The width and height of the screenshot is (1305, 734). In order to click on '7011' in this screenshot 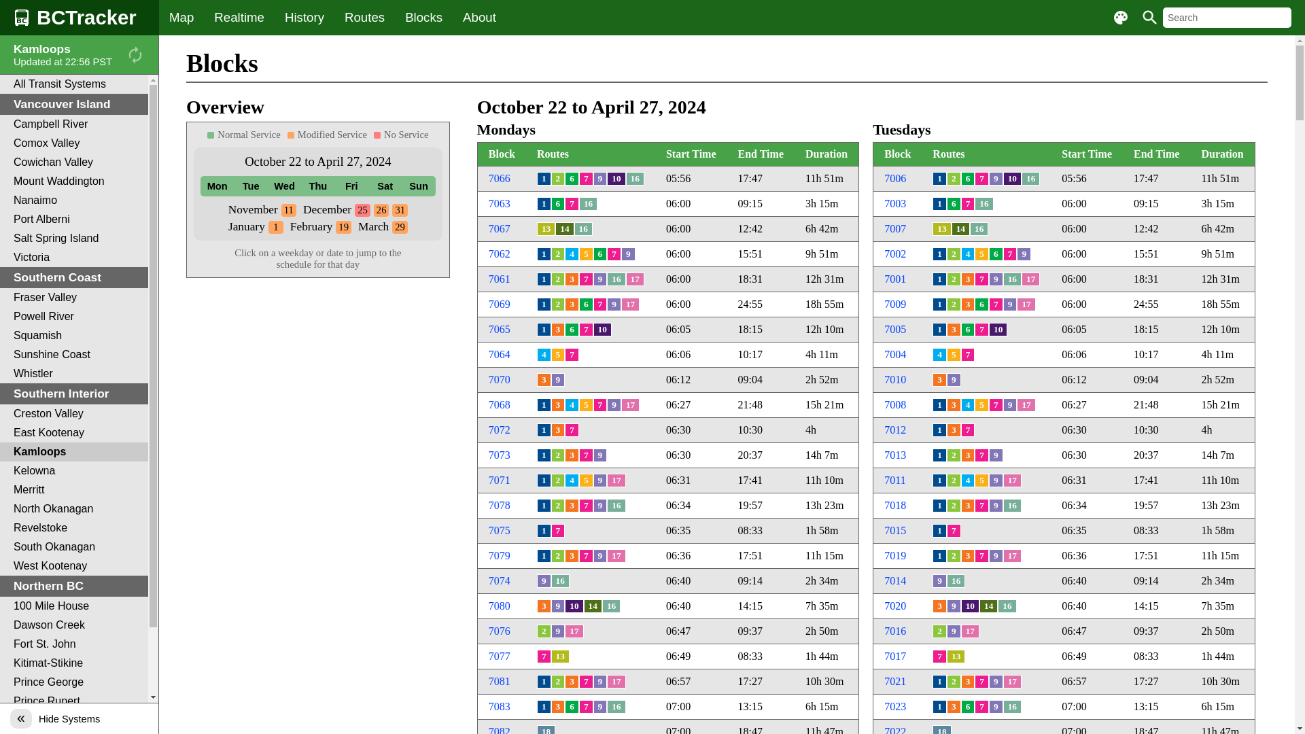, I will do `click(884, 479)`.